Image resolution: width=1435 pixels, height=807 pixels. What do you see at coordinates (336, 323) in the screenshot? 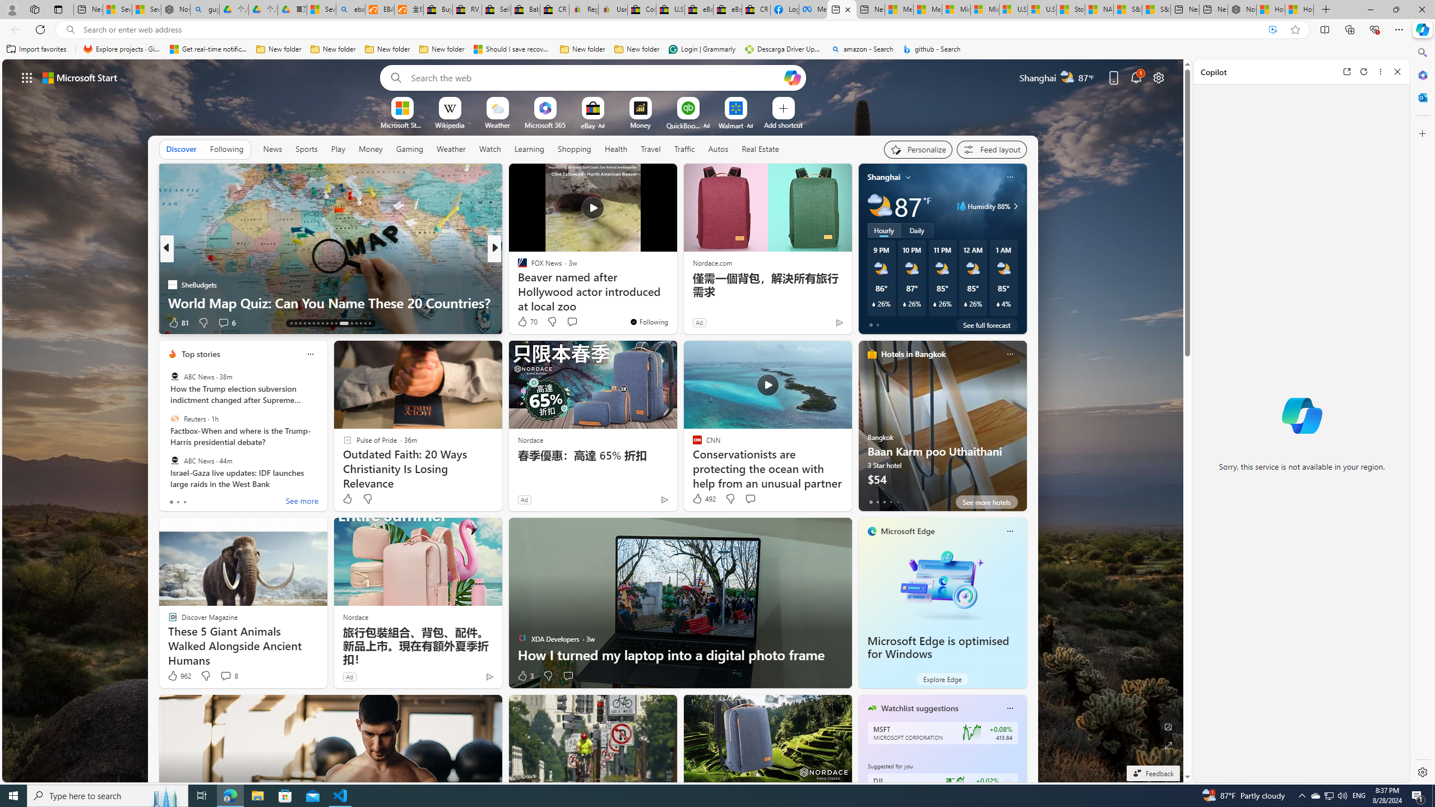
I see `'AutomationID: tab-23'` at bounding box center [336, 323].